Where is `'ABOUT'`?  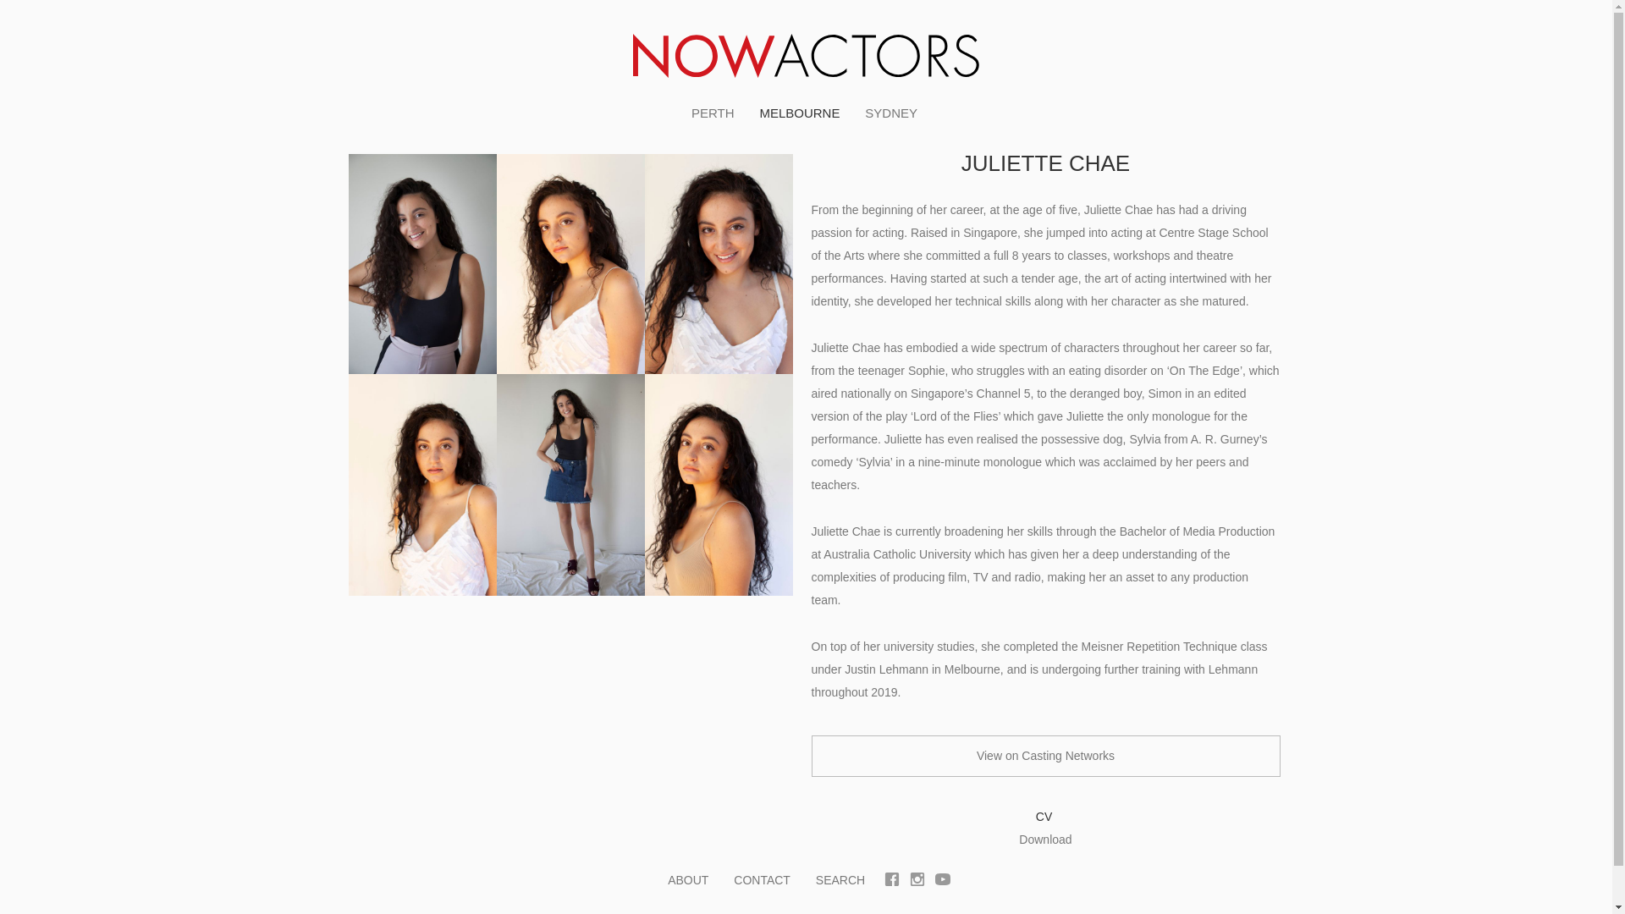
'ABOUT' is located at coordinates (687, 879).